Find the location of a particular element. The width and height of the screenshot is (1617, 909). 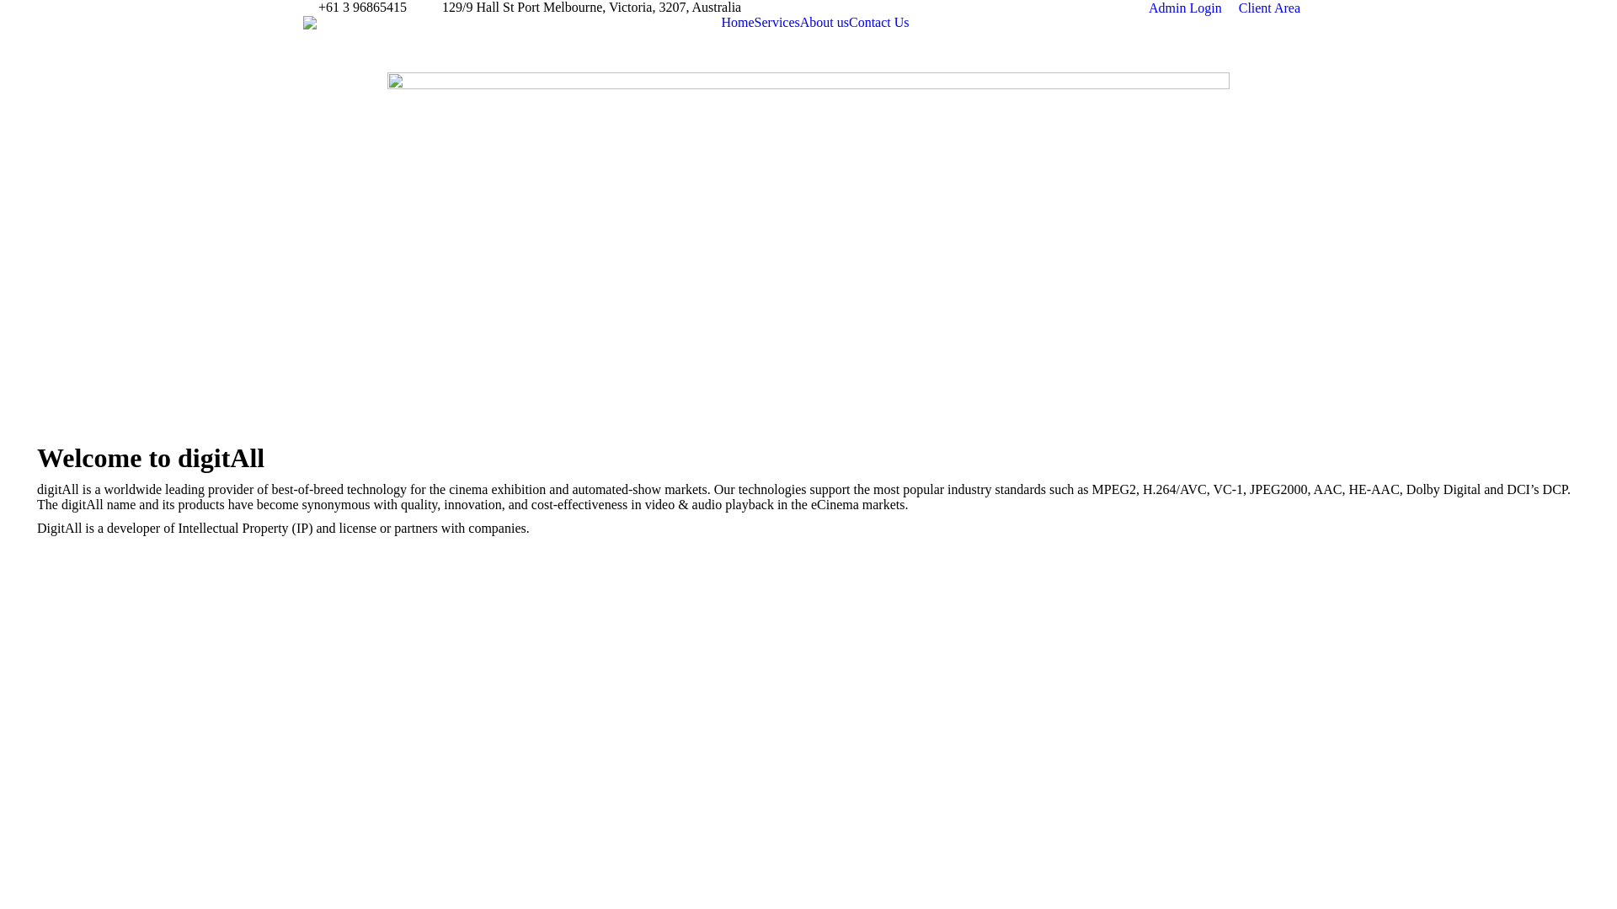

'Home' is located at coordinates (737, 23).